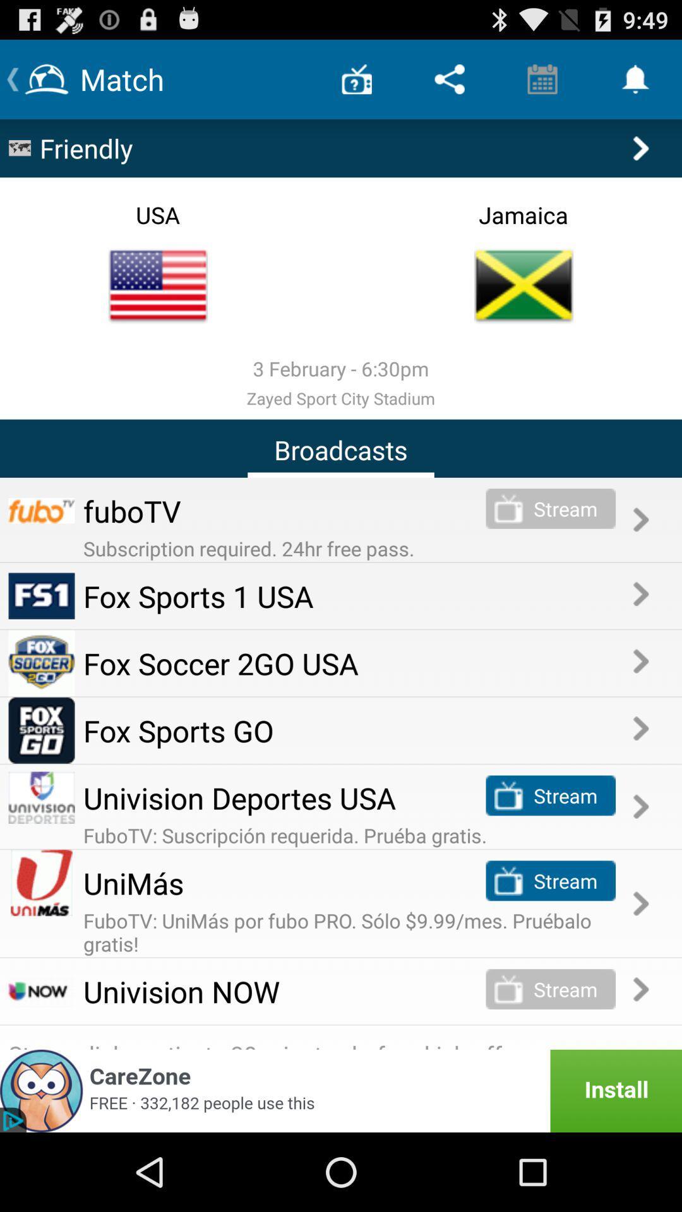  What do you see at coordinates (157, 306) in the screenshot?
I see `the national_flag icon` at bounding box center [157, 306].